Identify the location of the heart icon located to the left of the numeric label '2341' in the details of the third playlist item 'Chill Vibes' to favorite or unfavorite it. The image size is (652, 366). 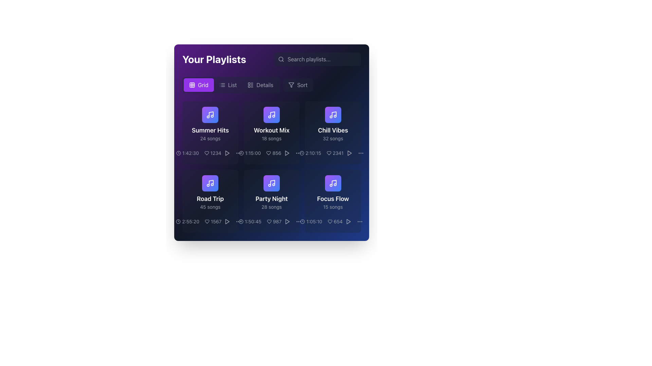
(329, 153).